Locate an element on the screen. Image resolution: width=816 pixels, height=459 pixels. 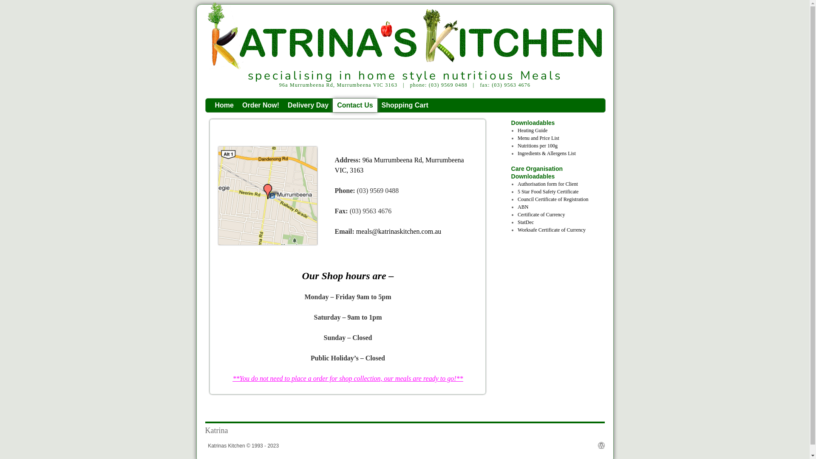
'Delivery Day' is located at coordinates (307, 105).